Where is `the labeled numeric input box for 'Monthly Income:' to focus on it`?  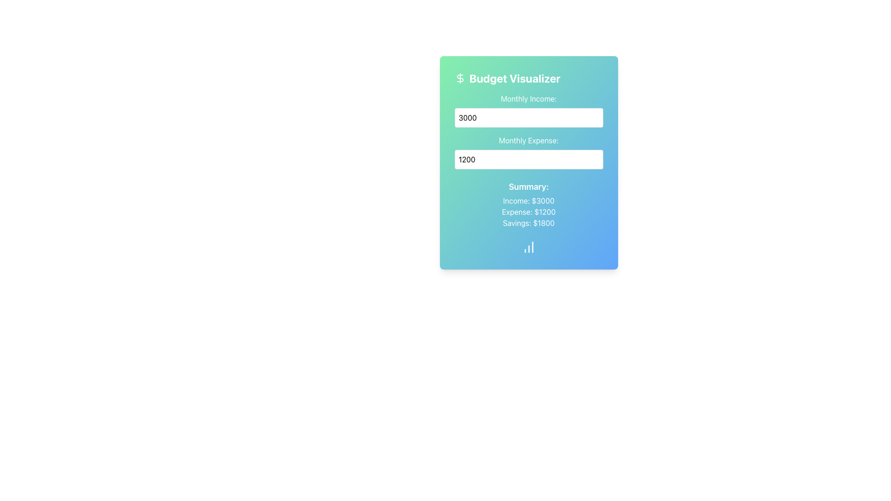 the labeled numeric input box for 'Monthly Income:' to focus on it is located at coordinates (529, 110).